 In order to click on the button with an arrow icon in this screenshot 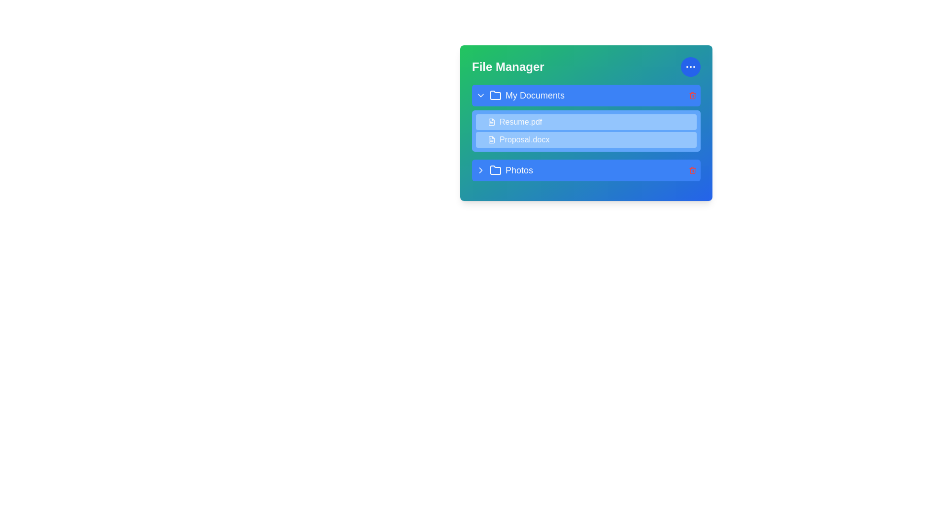, I will do `click(480, 170)`.